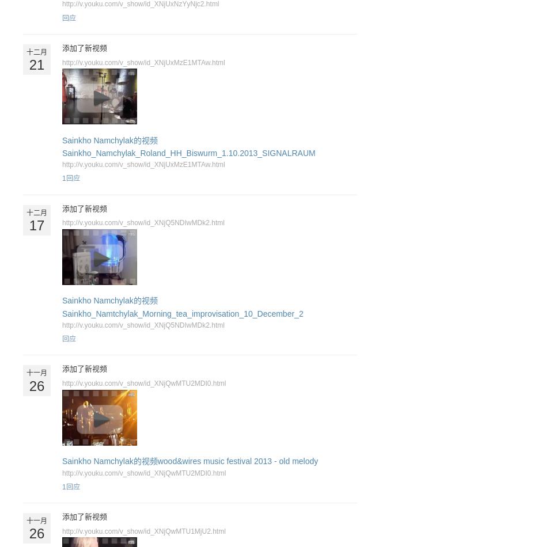 Image resolution: width=553 pixels, height=547 pixels. I want to click on 'Sainkho Namchylak的视频Sainkho_Namchylak_Roland_HH_Biswurm_1.10.2013_SIGNALRAUM', so click(188, 146).